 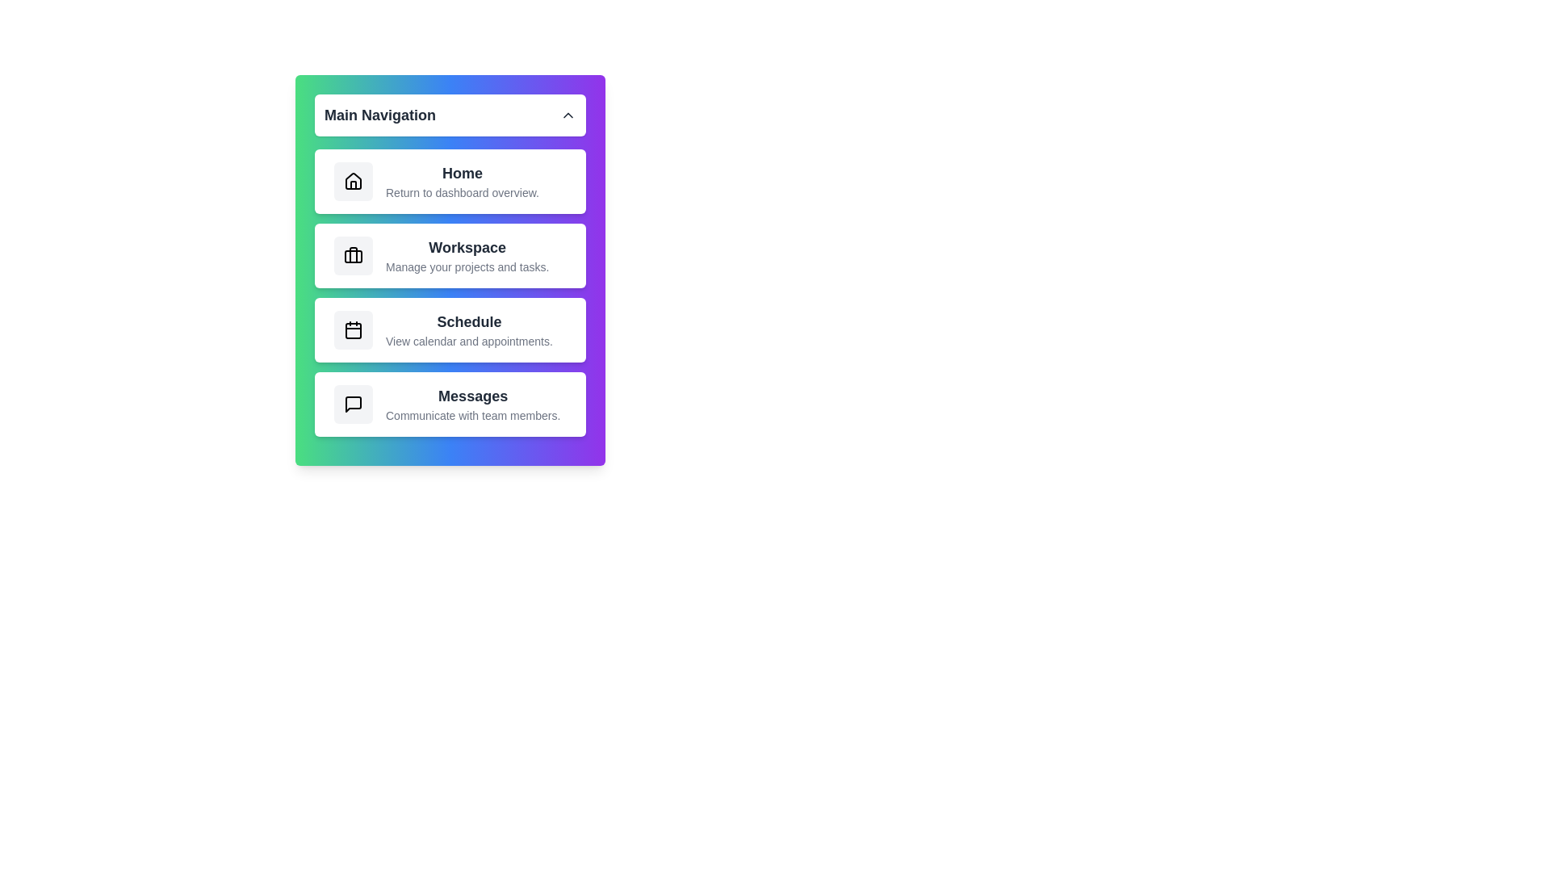 What do you see at coordinates (450, 404) in the screenshot?
I see `the 'Messages' navigation item to select it` at bounding box center [450, 404].